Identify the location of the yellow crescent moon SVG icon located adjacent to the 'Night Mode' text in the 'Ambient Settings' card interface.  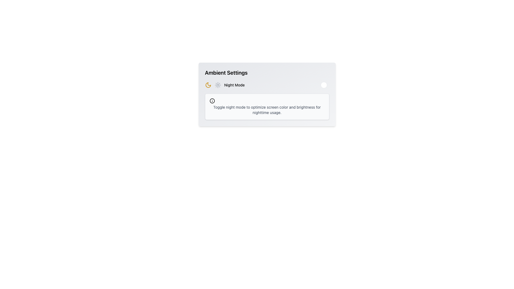
(208, 85).